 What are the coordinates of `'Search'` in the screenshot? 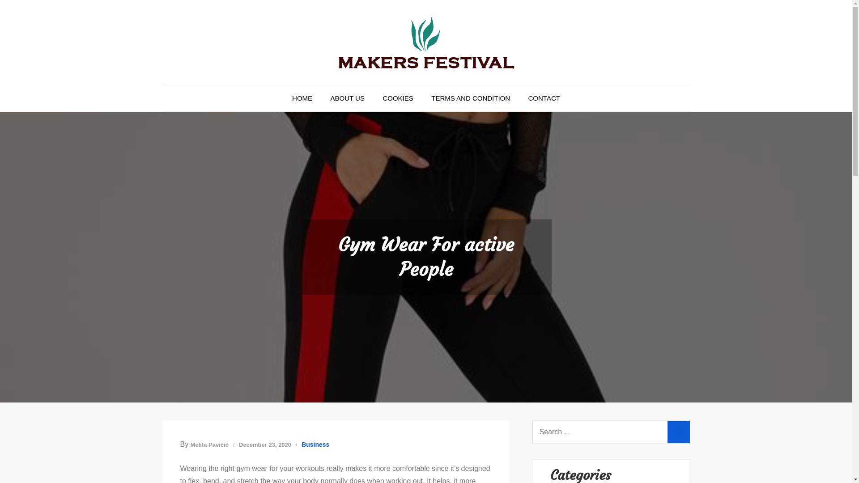 It's located at (678, 431).